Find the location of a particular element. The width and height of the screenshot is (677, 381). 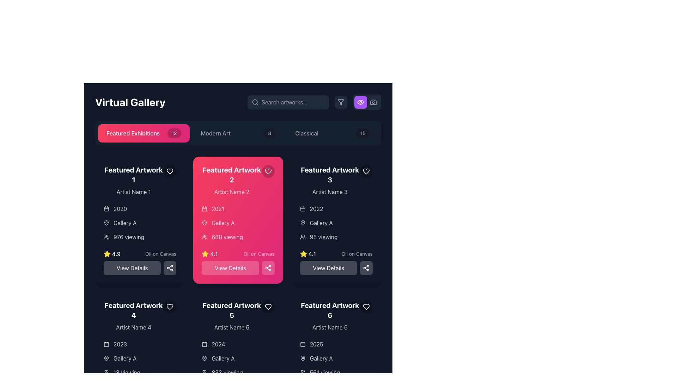

the circular button with a heart icon inside it, located at the top-right corner of the 'Featured Artwork 2' card, to mark the artwork as favorite is located at coordinates (268, 171).